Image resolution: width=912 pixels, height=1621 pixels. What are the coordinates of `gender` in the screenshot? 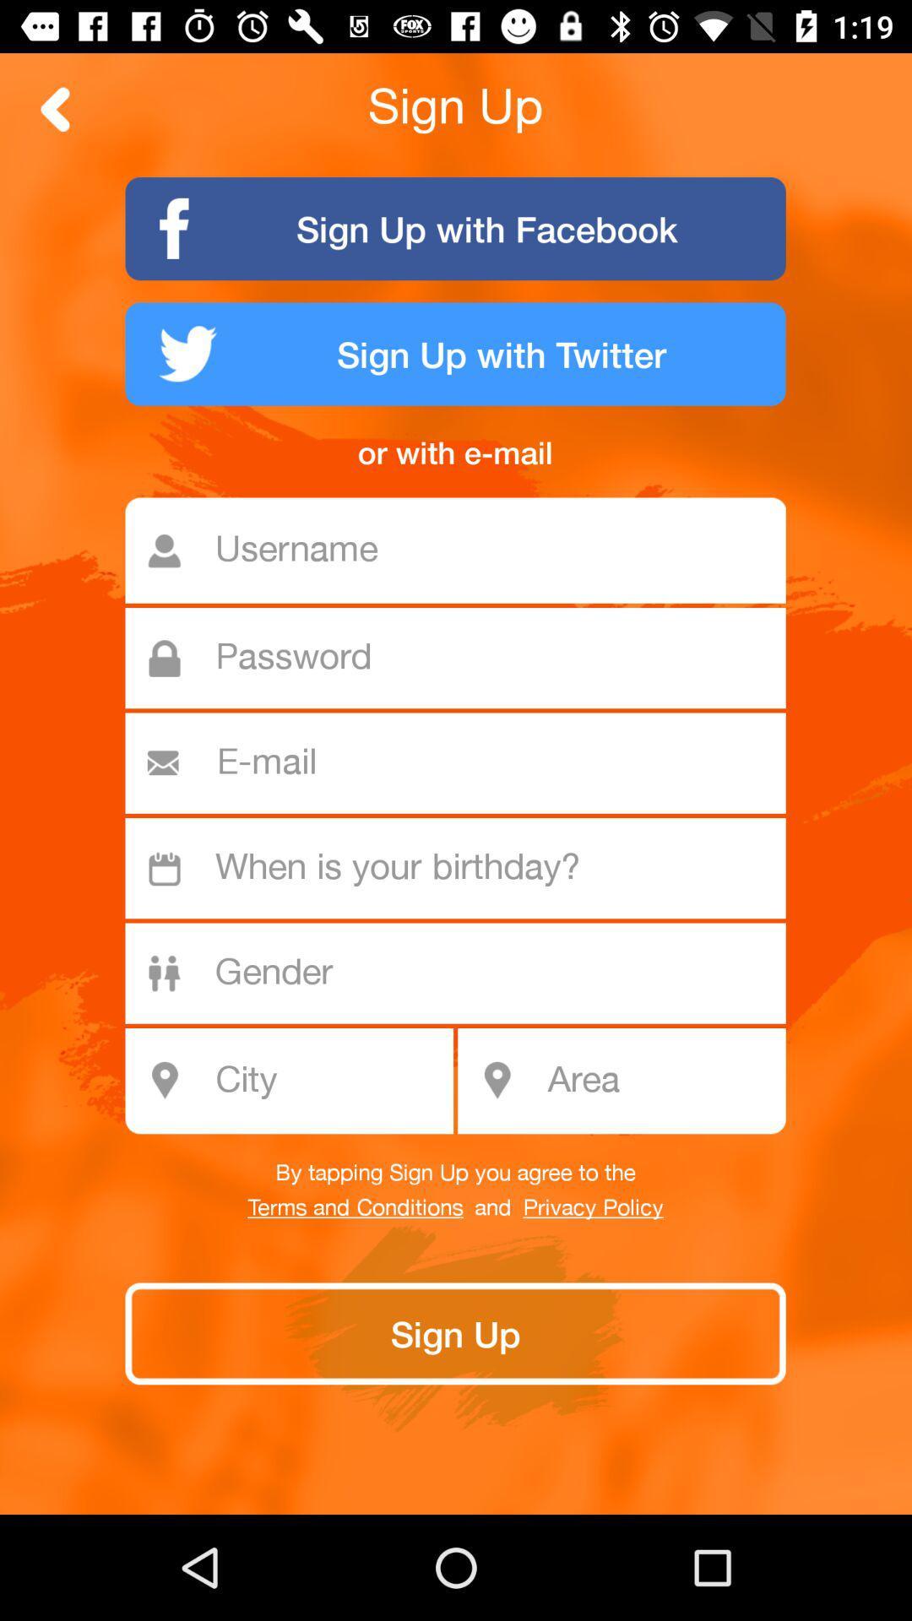 It's located at (464, 973).